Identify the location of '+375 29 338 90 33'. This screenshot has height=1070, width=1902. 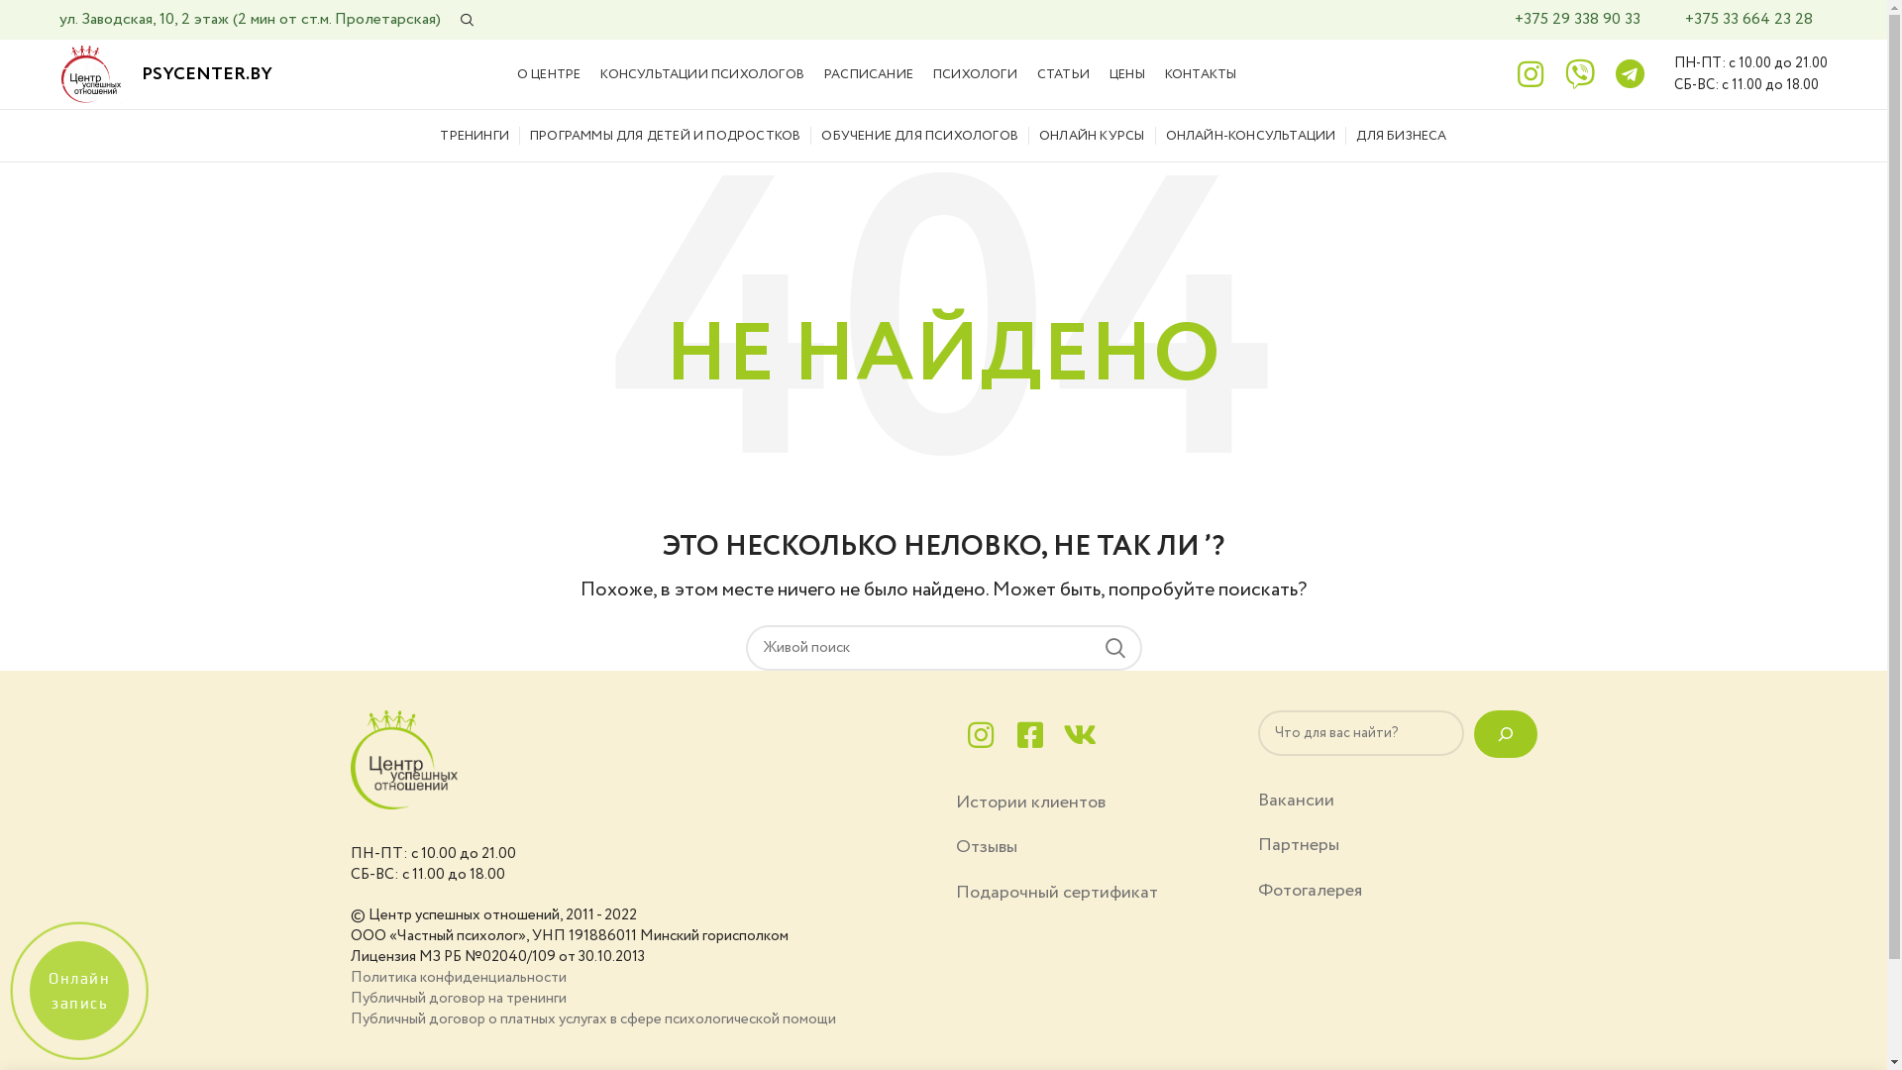
(1514, 19).